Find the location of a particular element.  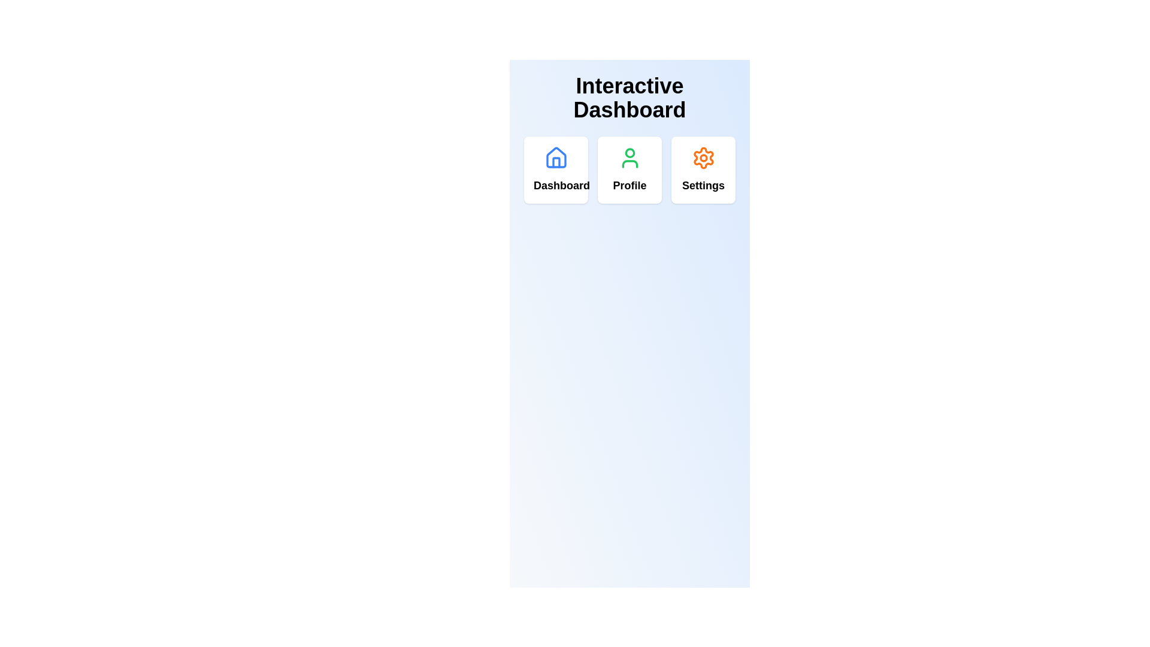

the 'Dashboard' icon located at the top center of the dashboard card is located at coordinates (555, 157).